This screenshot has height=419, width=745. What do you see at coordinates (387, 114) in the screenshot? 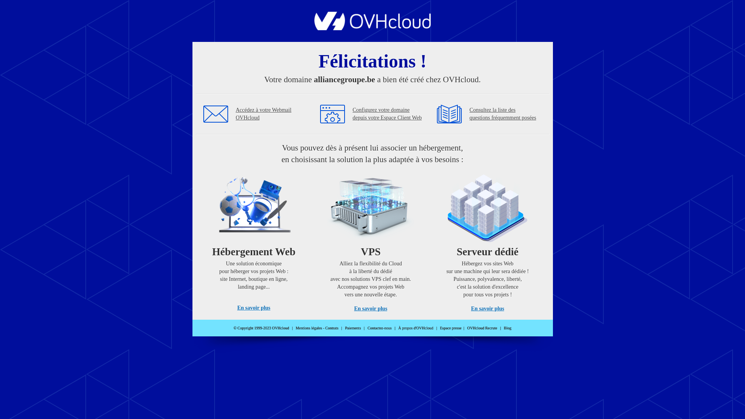
I see `'Configurez votre domaine` at bounding box center [387, 114].